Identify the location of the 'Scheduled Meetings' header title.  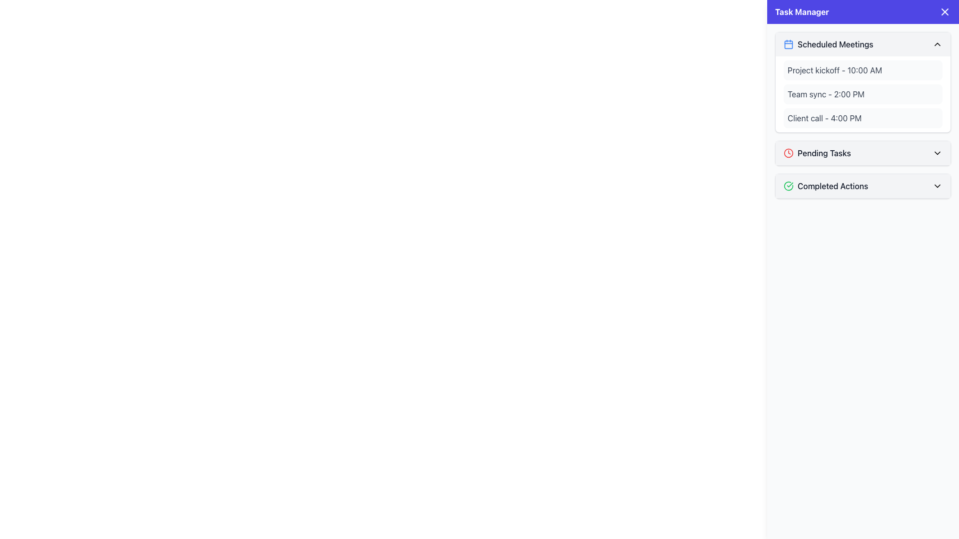
(828, 43).